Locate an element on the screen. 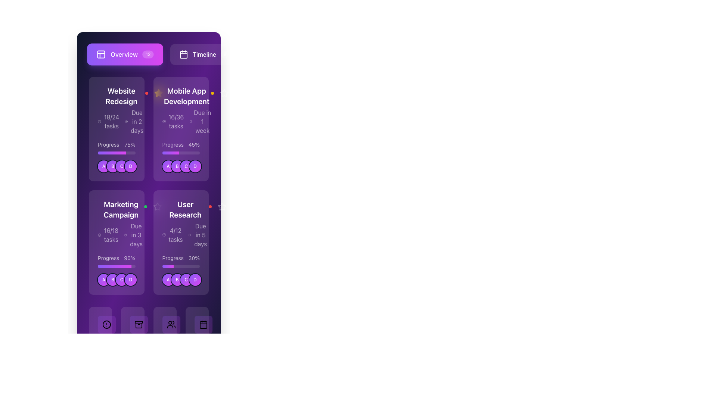 This screenshot has height=403, width=717. the square-shaped button with a purple gradient background and a stylized calendar icon is located at coordinates (203, 324).